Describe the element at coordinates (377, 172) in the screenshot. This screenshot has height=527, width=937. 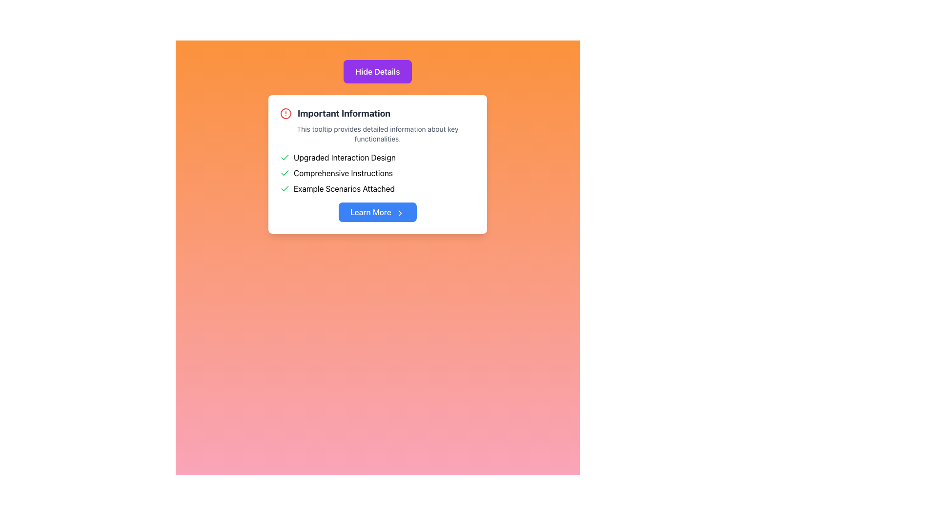
I see `text content of the Inline textual indicator labeled 'Comprehensive Instructions', which is the second item in a vertical list within a tooltip card` at that location.